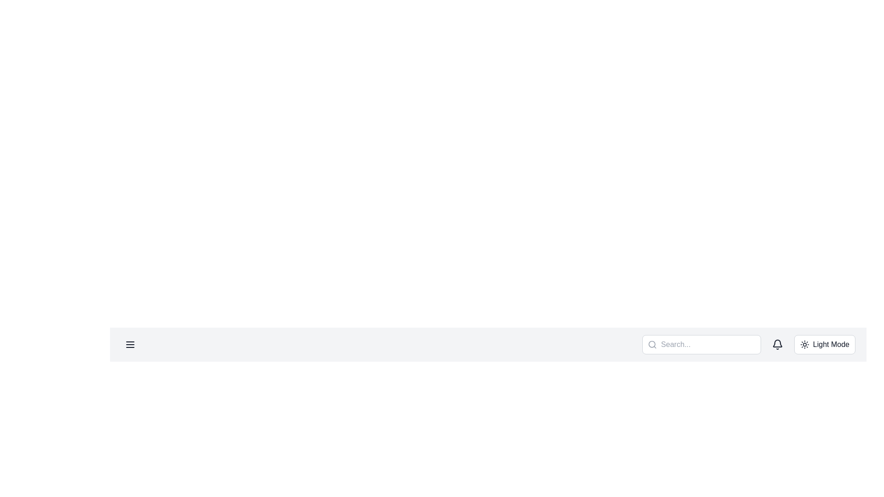  Describe the element at coordinates (777, 344) in the screenshot. I see `the bell icon button on the top navigation bar` at that location.